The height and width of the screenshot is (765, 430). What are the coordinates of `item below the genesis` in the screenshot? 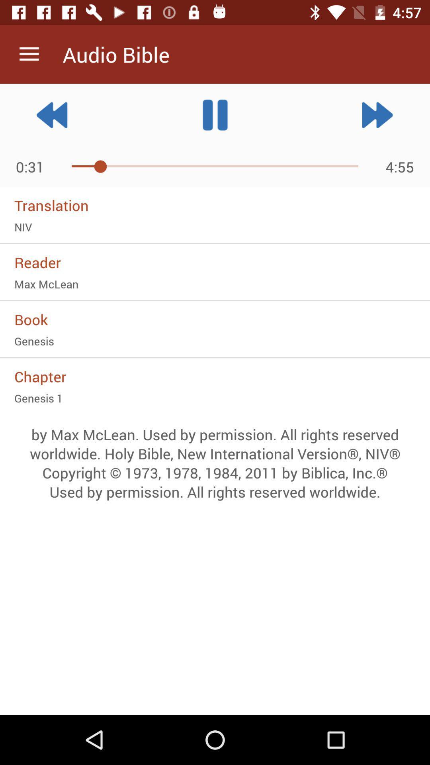 It's located at (215, 376).